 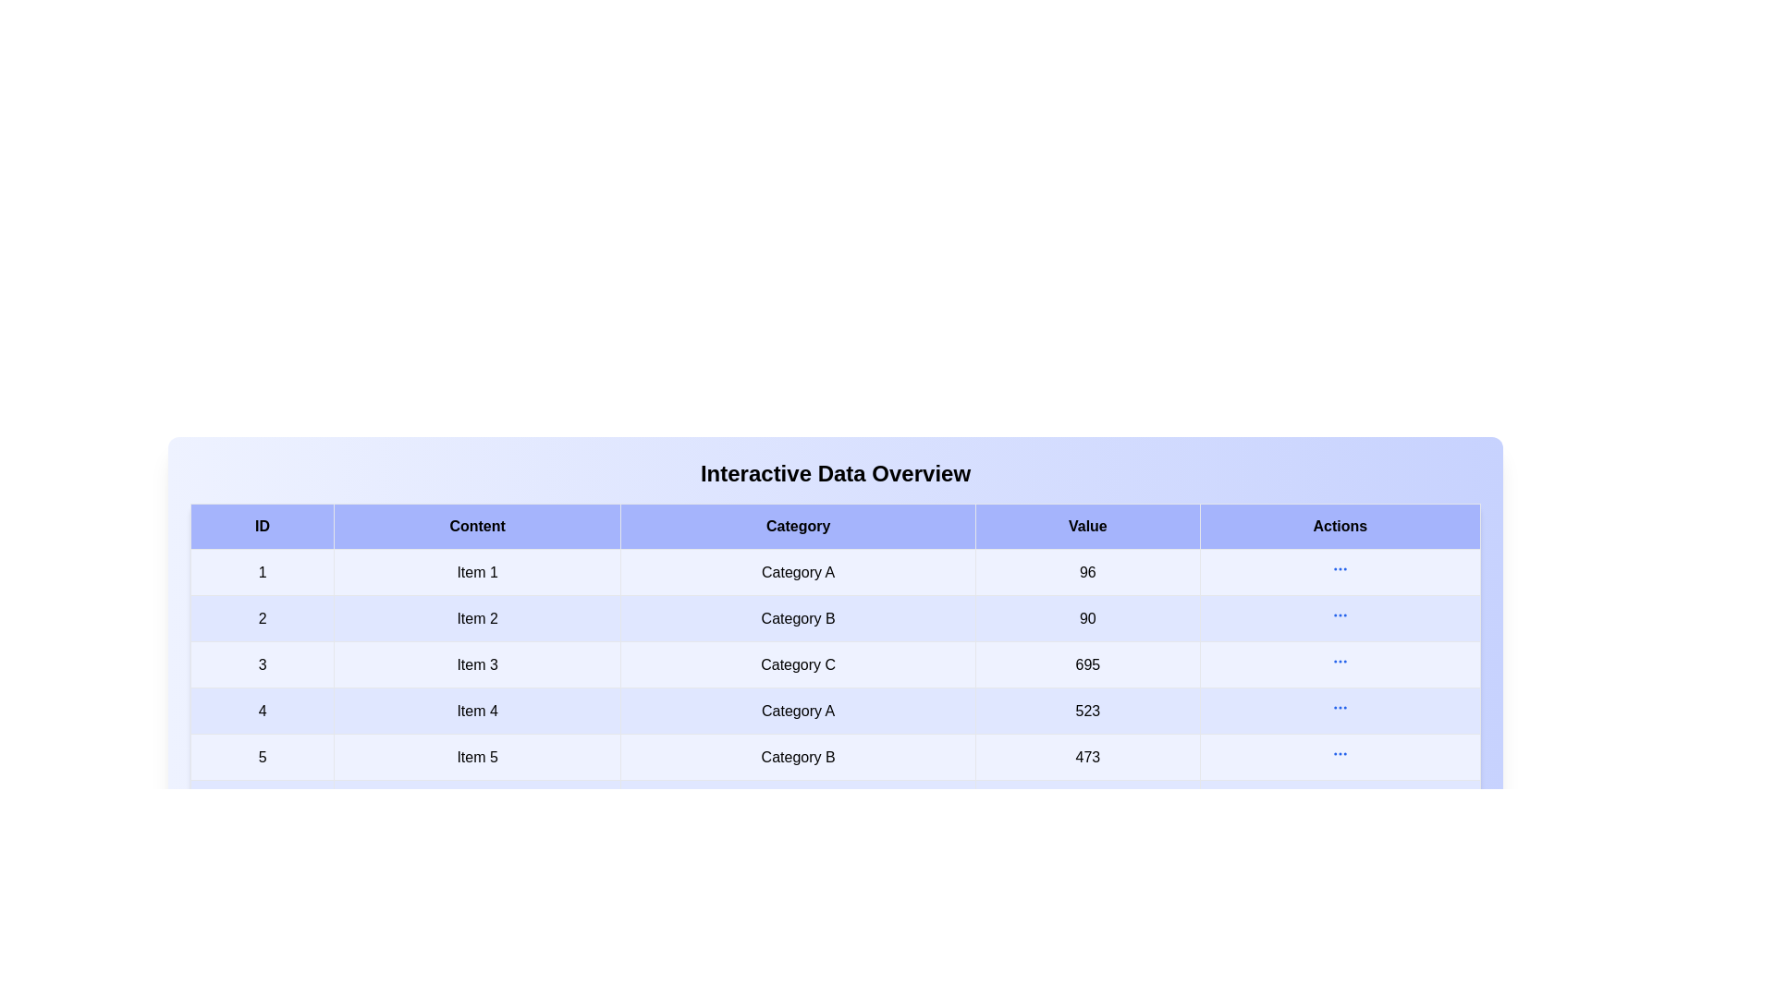 I want to click on action button in row 1 to view additional details, so click(x=1340, y=568).